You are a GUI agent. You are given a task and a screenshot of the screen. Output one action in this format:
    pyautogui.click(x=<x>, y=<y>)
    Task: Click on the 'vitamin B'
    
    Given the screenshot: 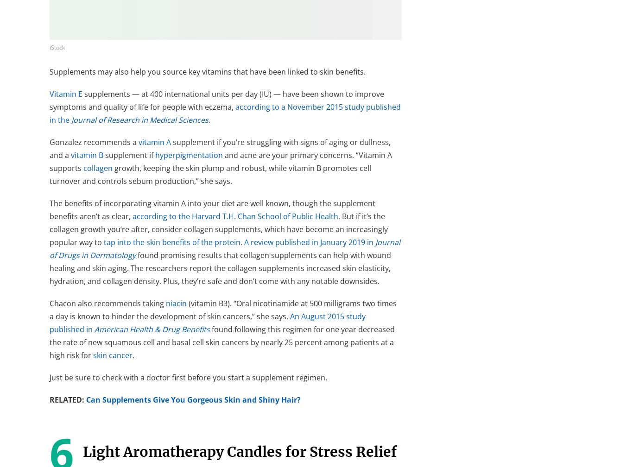 What is the action you would take?
    pyautogui.click(x=86, y=154)
    